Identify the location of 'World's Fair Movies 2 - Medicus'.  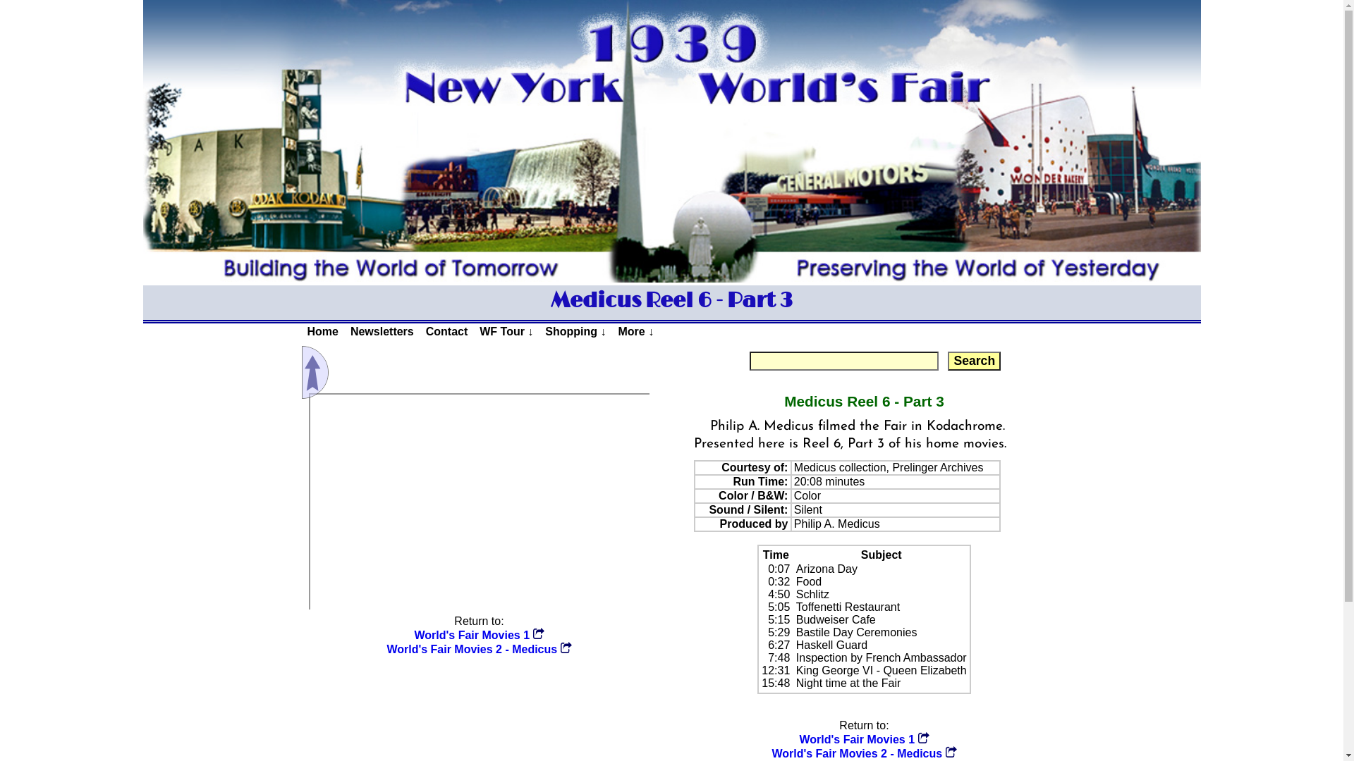
(478, 649).